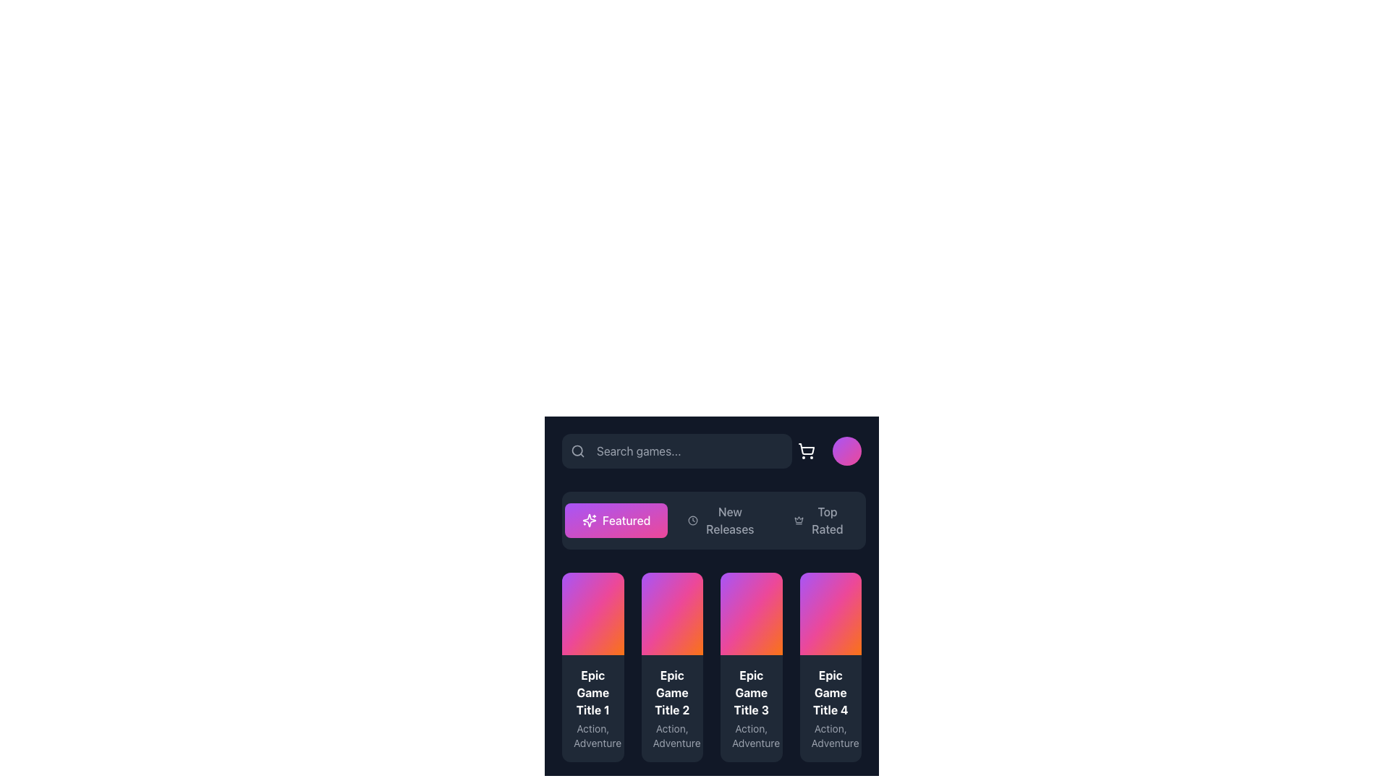  I want to click on text label displaying the genres 'Action, Adventure' located below the title 'Epic Game Title 3' in the card, so click(751, 680).